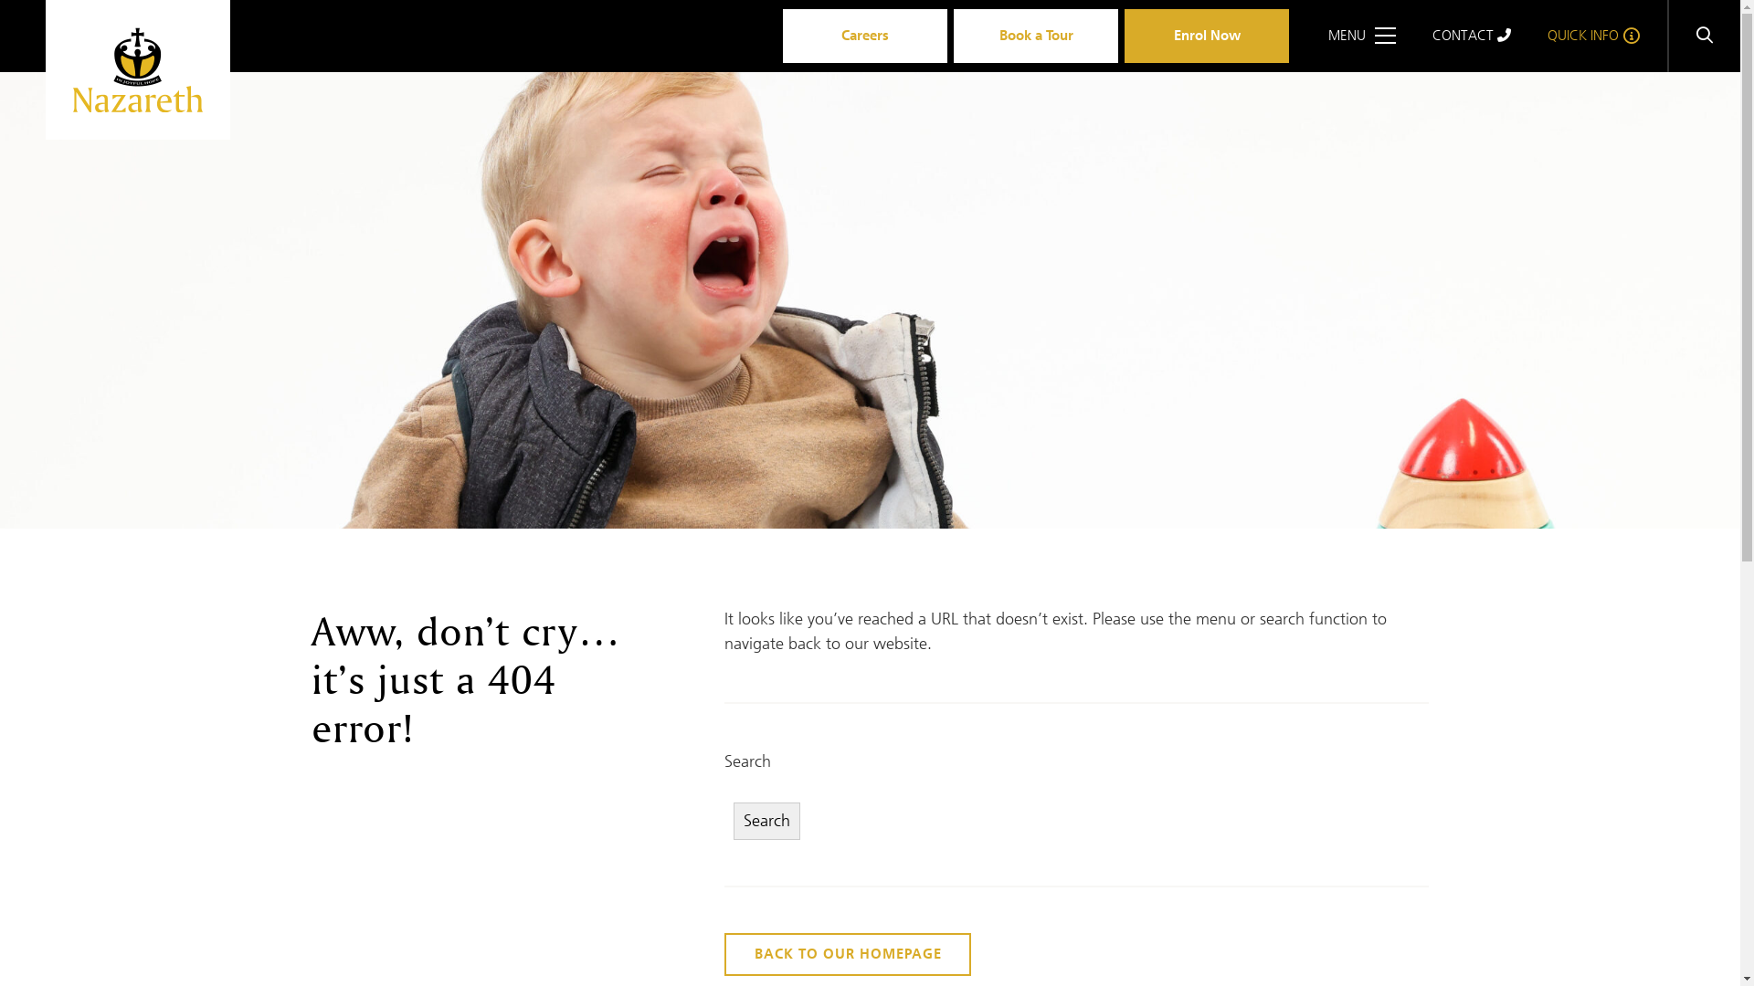 The height and width of the screenshot is (986, 1754). What do you see at coordinates (766, 820) in the screenshot?
I see `'Search'` at bounding box center [766, 820].